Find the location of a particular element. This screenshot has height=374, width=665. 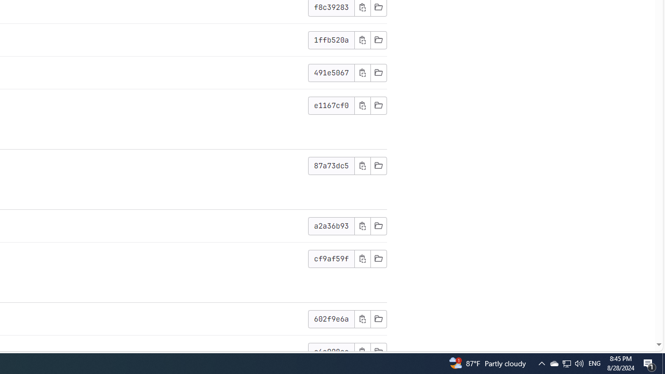

'Class: s16 gl-icon gl-button-icon ' is located at coordinates (362, 351).